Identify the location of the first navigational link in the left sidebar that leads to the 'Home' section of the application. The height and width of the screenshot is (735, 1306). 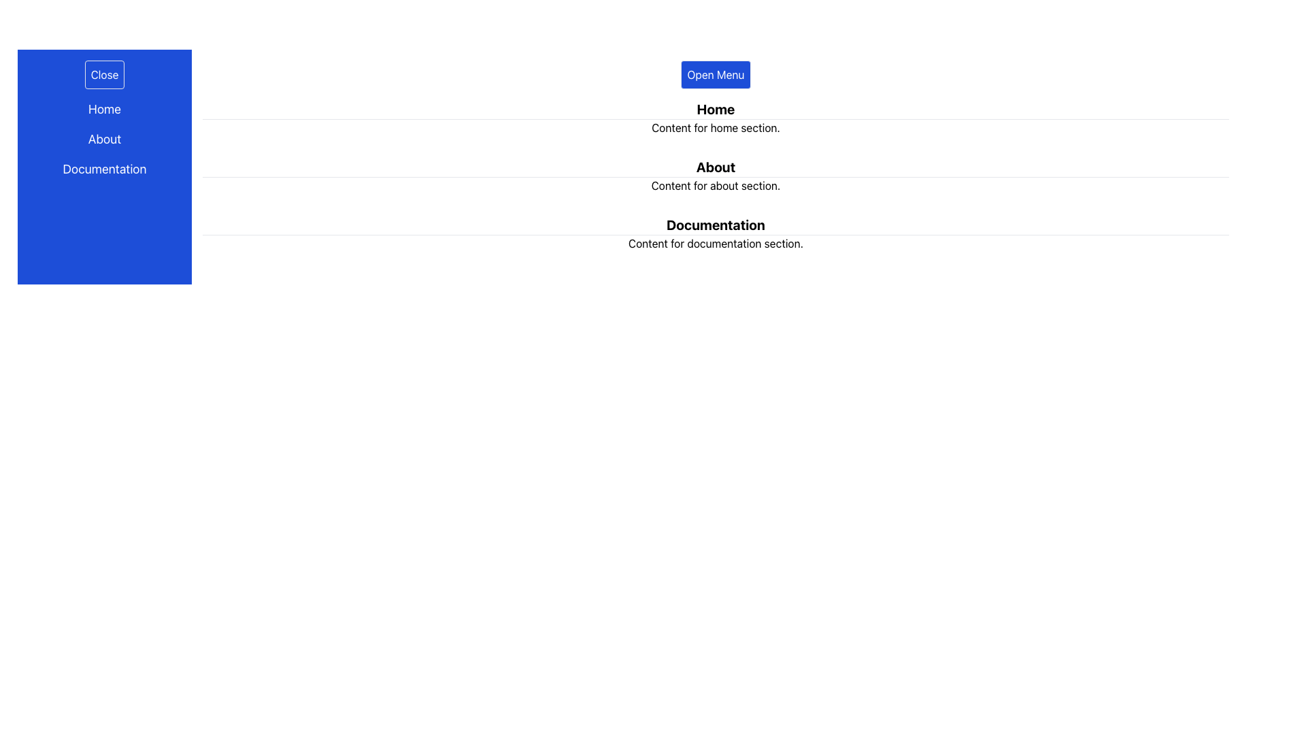
(103, 108).